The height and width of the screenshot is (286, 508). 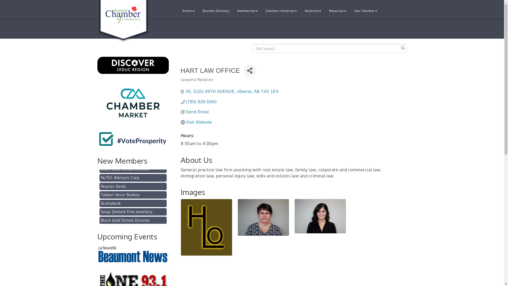 I want to click on 'NuTEC Advisors Corp.', so click(x=99, y=186).